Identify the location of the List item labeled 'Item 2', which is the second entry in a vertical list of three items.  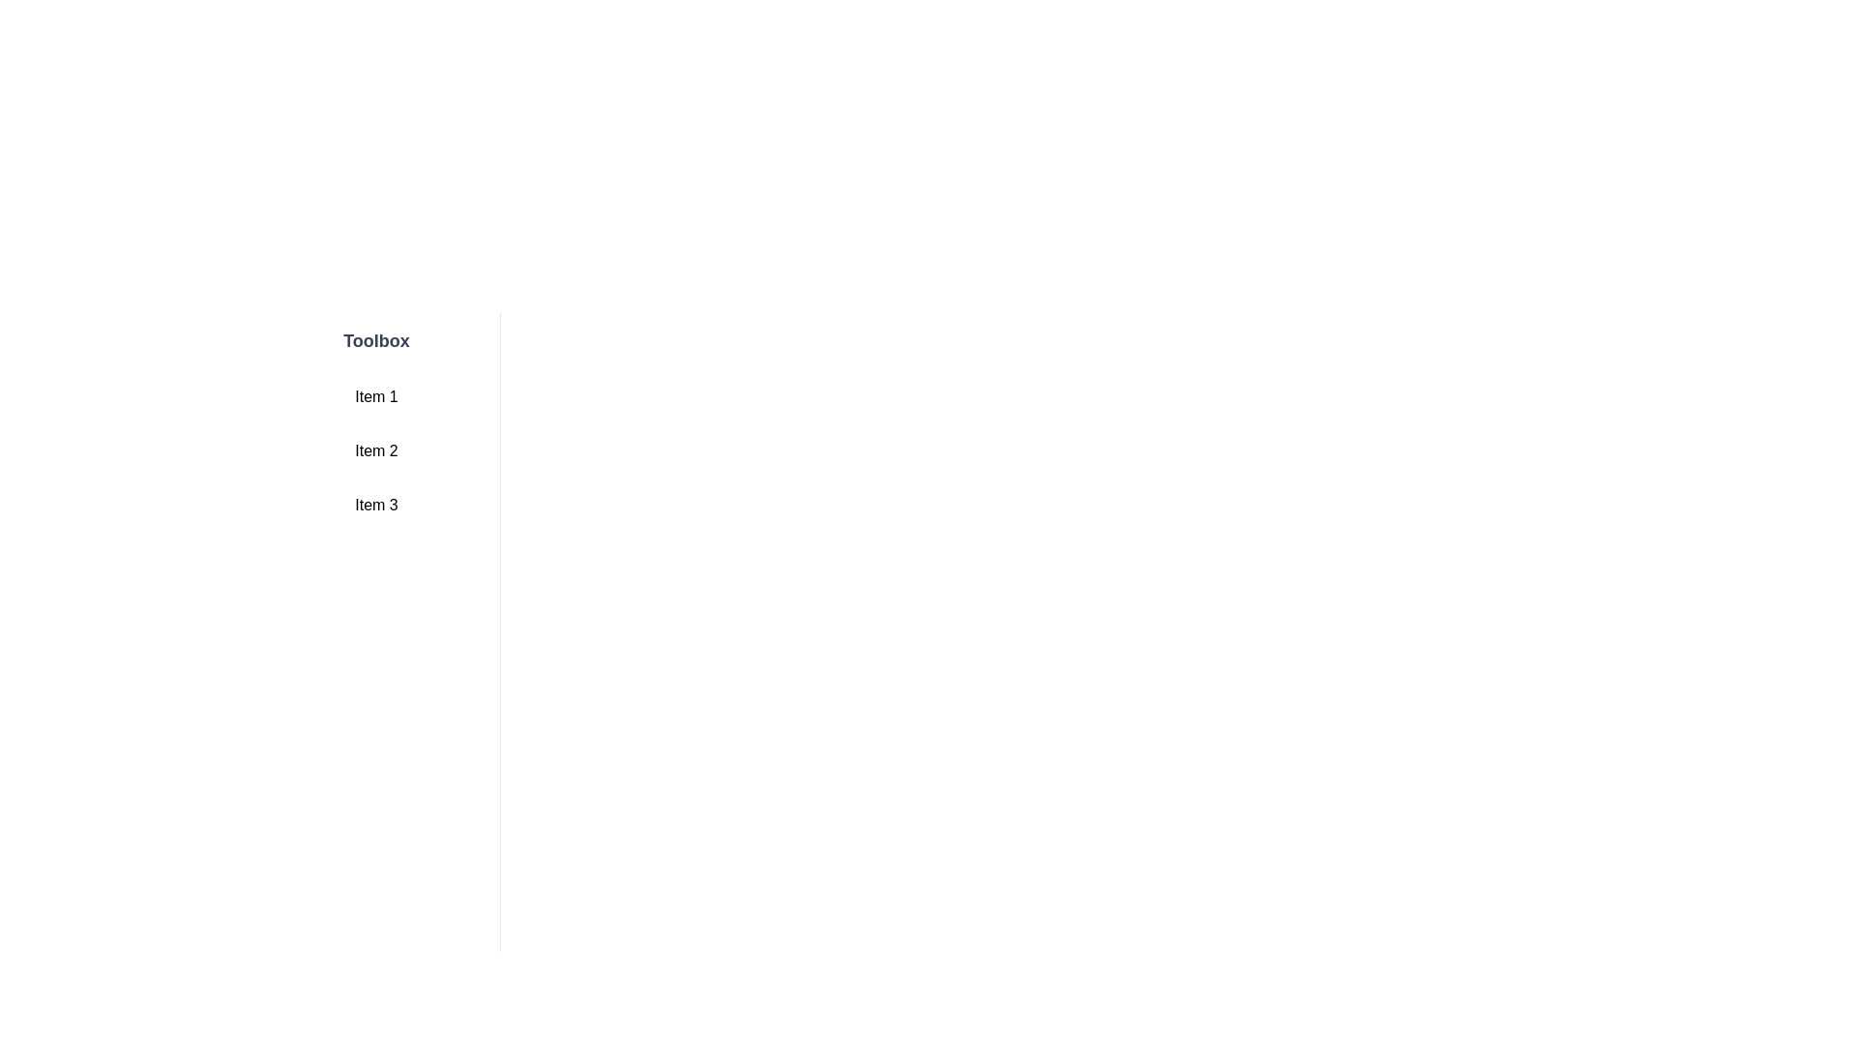
(376, 450).